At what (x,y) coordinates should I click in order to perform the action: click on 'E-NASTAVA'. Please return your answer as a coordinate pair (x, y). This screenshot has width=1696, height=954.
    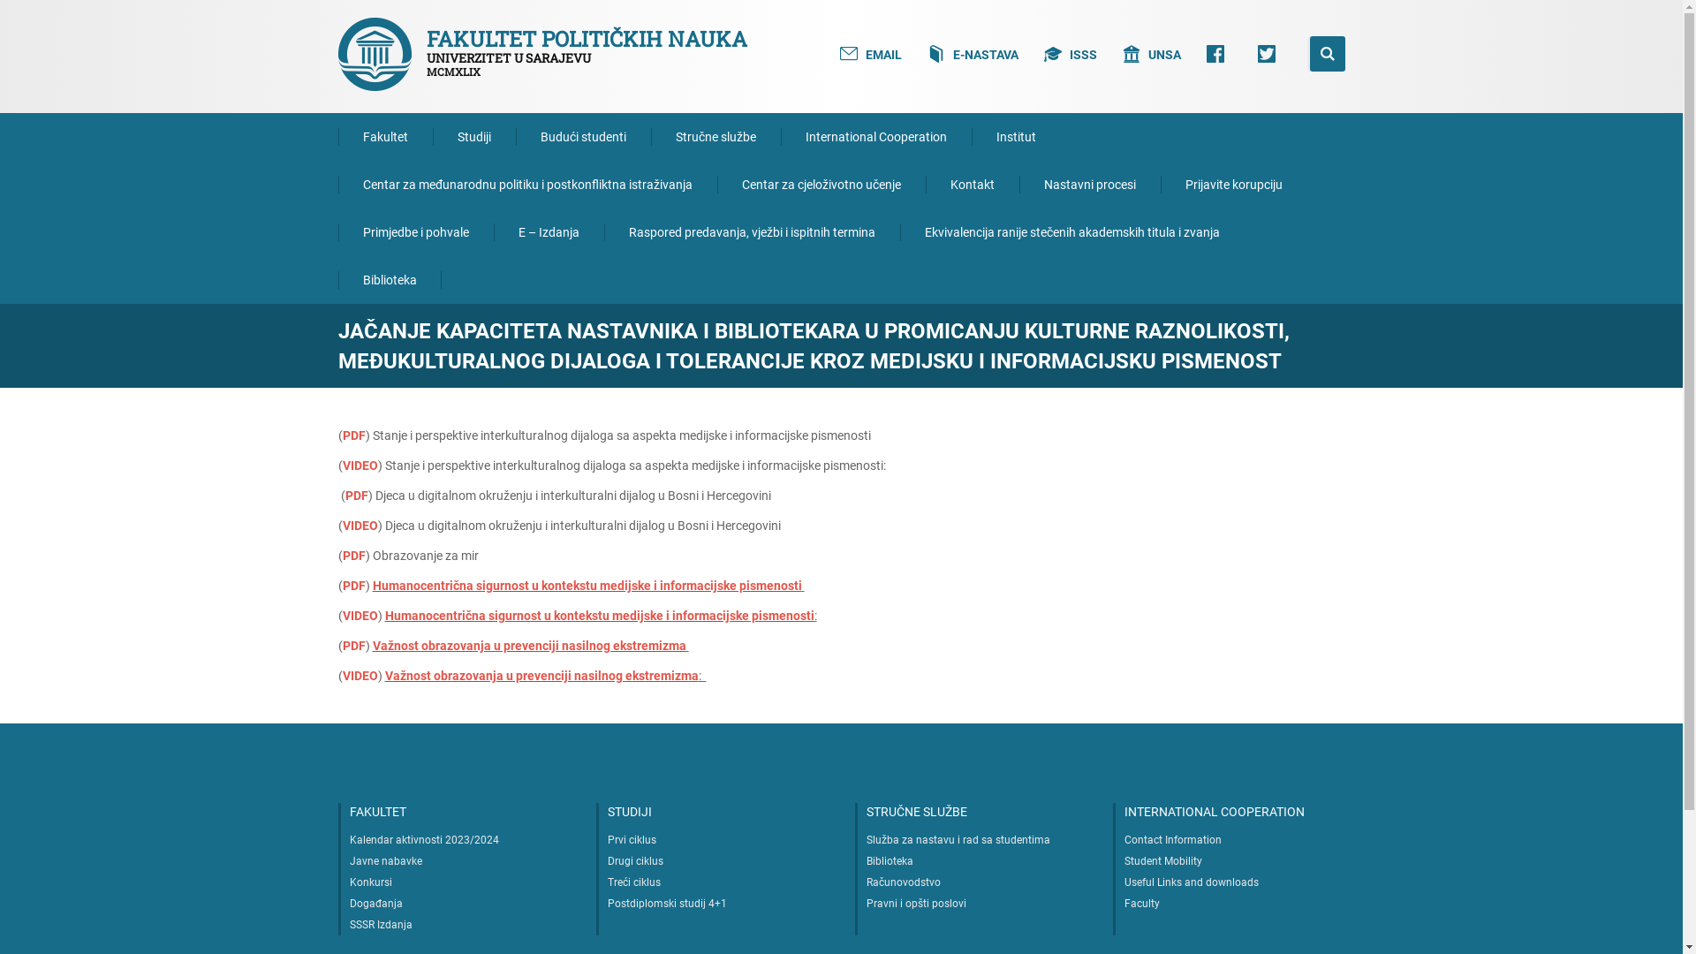
    Looking at the image, I should click on (973, 53).